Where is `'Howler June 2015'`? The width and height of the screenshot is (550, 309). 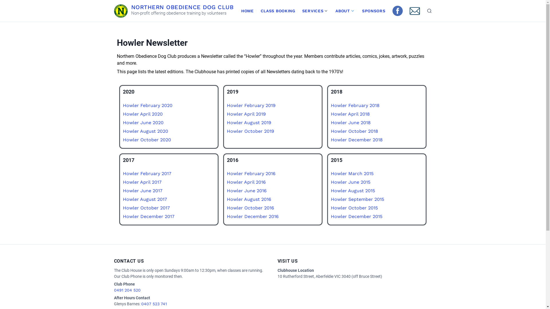
'Howler June 2015' is located at coordinates (350, 182).